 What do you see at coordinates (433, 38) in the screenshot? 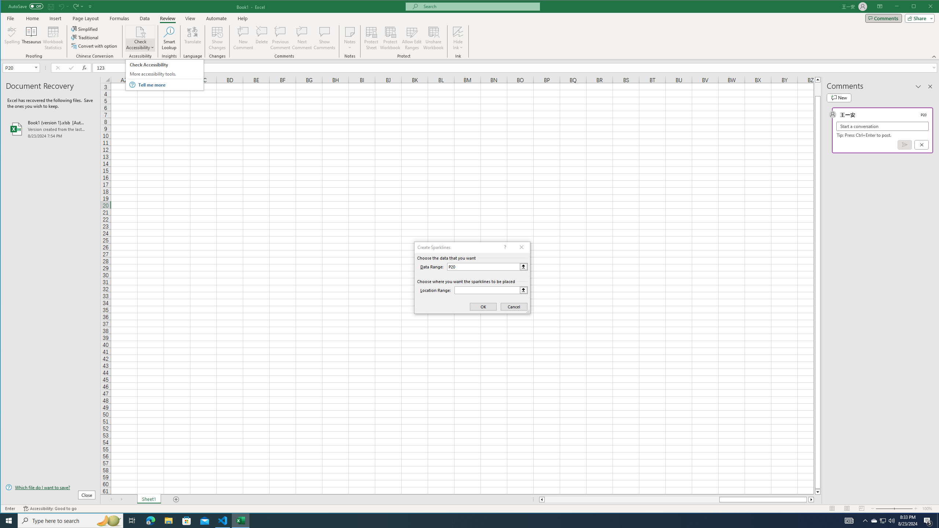
I see `'Unshare Workbook'` at bounding box center [433, 38].